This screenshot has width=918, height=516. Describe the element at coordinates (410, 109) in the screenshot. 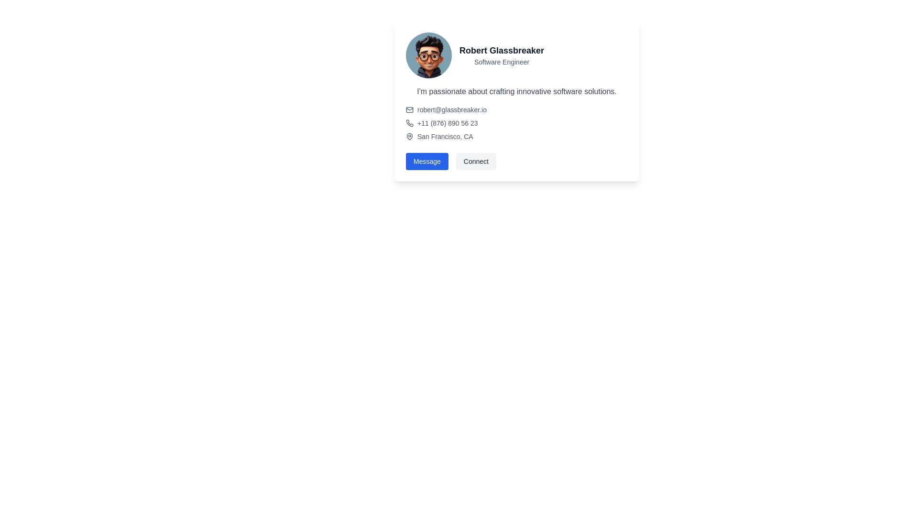

I see `the envelope icon representing the email in the user profile section to potentially see a tooltip or visual effect` at that location.